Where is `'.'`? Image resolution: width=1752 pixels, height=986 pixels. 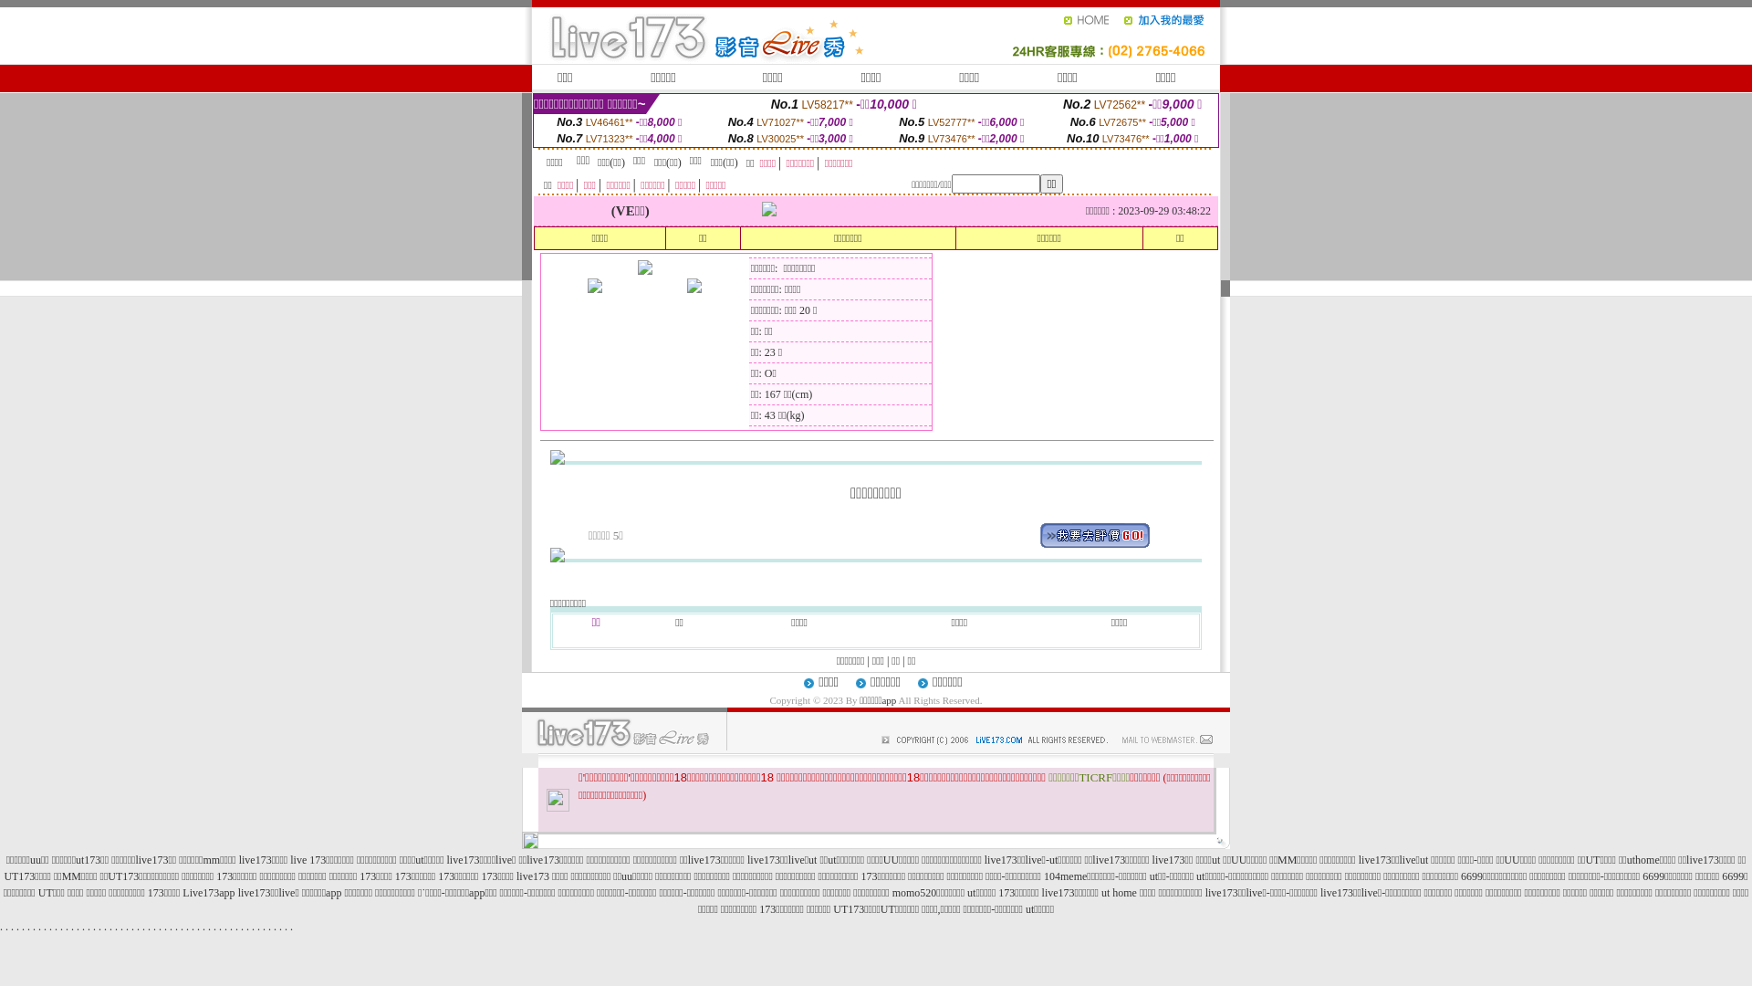
'.' is located at coordinates (93, 926).